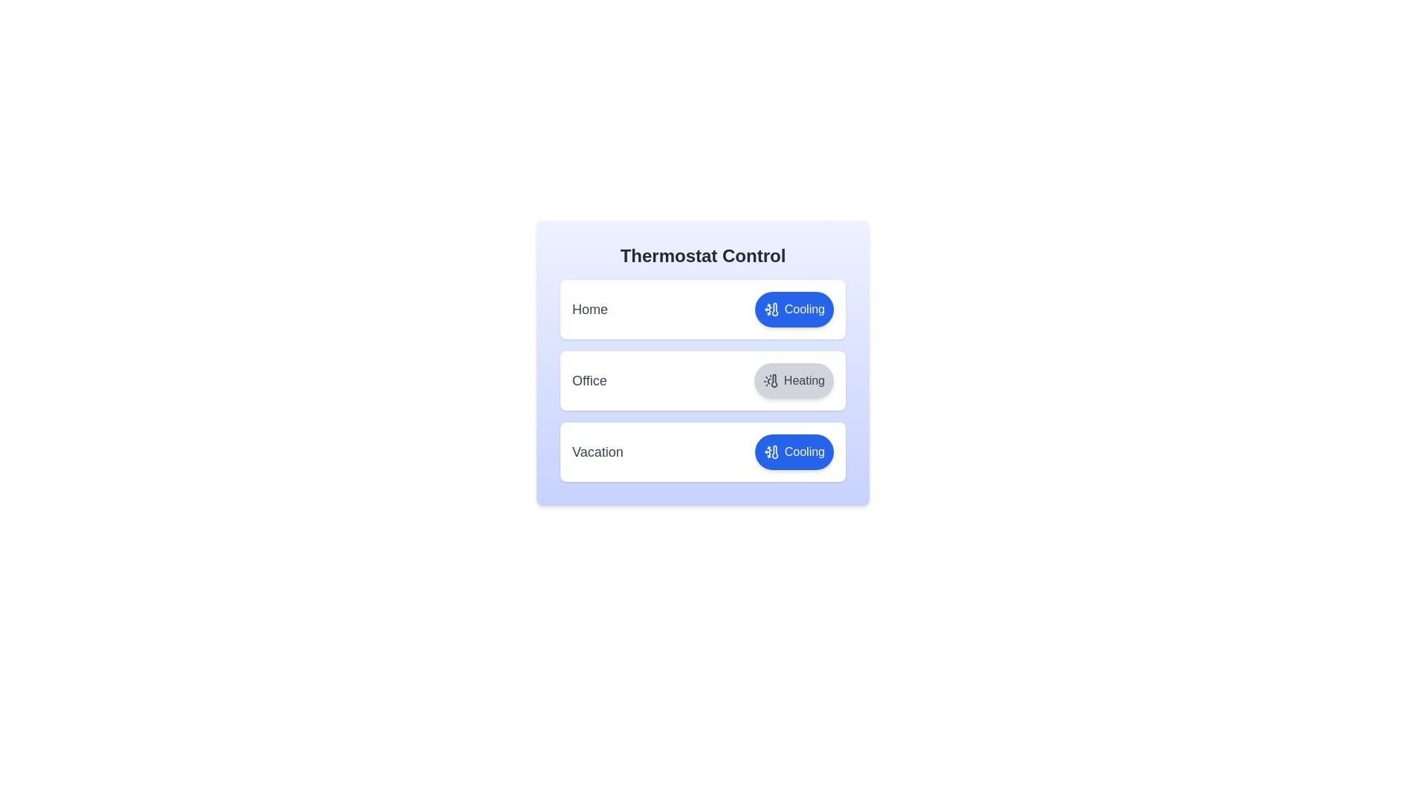 This screenshot has height=802, width=1427. What do you see at coordinates (793, 380) in the screenshot?
I see `button labeled 'Heating' under the 'Office' setting to toggle it to 'Cooling'` at bounding box center [793, 380].